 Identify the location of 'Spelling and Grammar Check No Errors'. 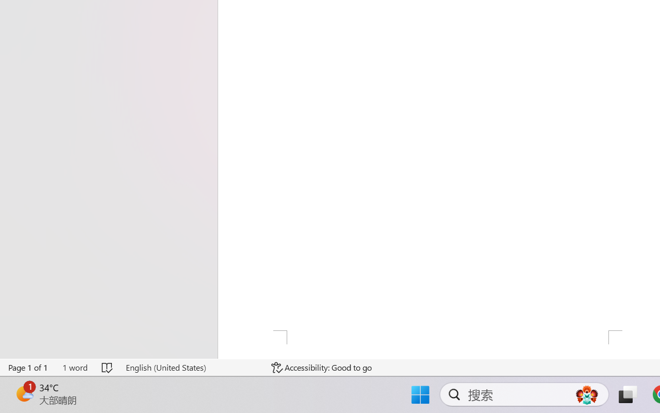
(108, 367).